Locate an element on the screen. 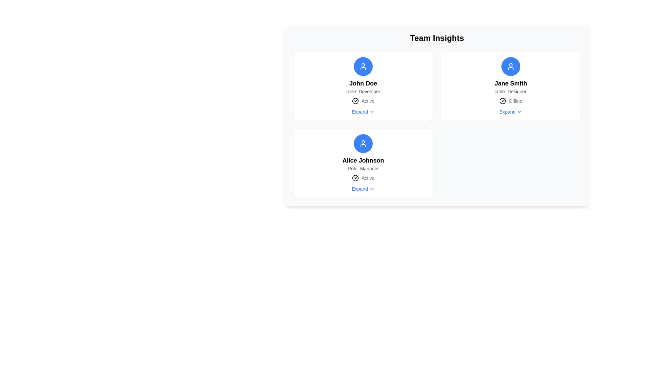 The height and width of the screenshot is (365, 650). the text label 'Jane Smith' located in the upper area of the third profile card from the left in the Team Insights section, positioned below the user icon and above the role description is located at coordinates (511, 83).